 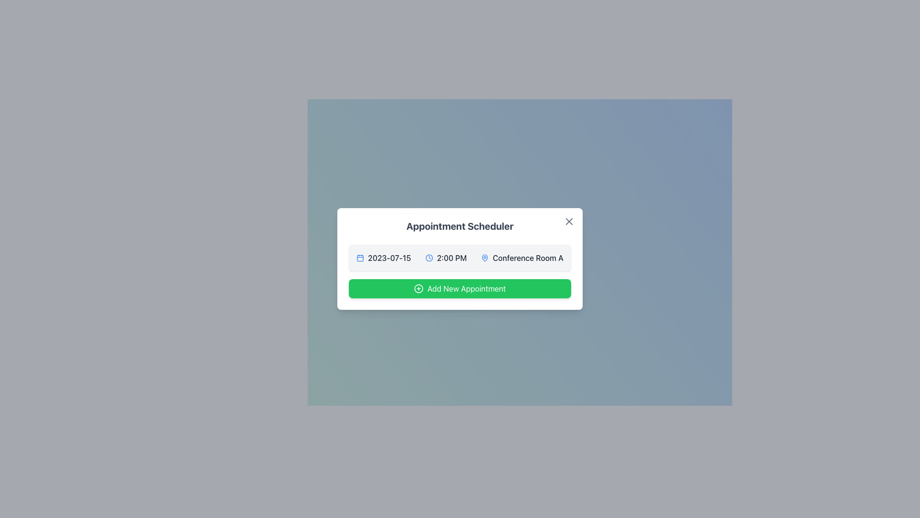 What do you see at coordinates (485, 257) in the screenshot?
I see `the blue-colored map pin icon that is part of the location indicators next to the text 'Conference Room A'` at bounding box center [485, 257].